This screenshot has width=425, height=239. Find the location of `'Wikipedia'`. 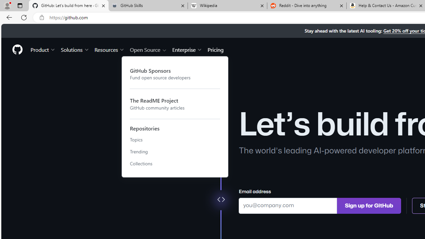

'Wikipedia' is located at coordinates (227, 6).